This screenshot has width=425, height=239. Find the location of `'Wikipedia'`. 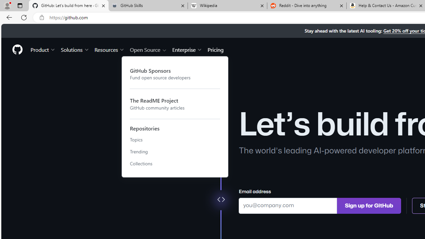

'Wikipedia' is located at coordinates (227, 6).